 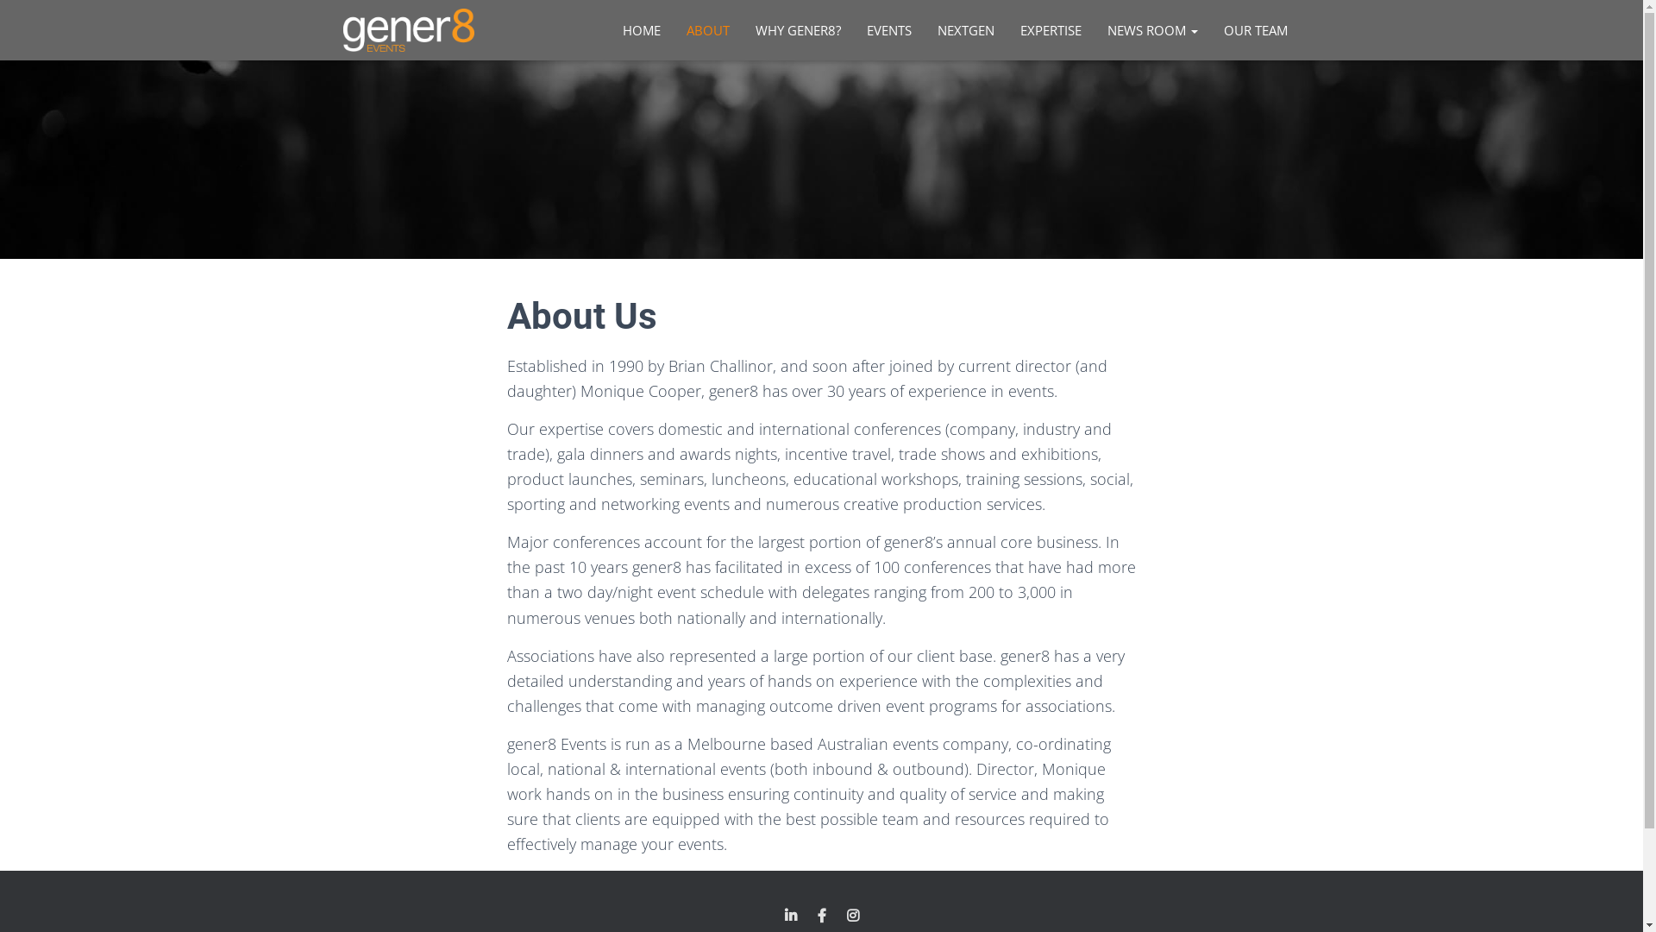 What do you see at coordinates (671, 29) in the screenshot?
I see `'ABOUT'` at bounding box center [671, 29].